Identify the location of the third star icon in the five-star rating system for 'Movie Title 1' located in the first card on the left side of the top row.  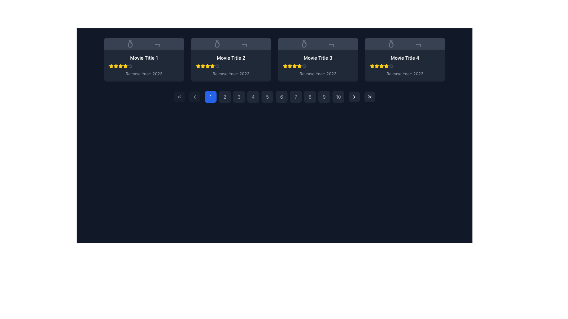
(116, 66).